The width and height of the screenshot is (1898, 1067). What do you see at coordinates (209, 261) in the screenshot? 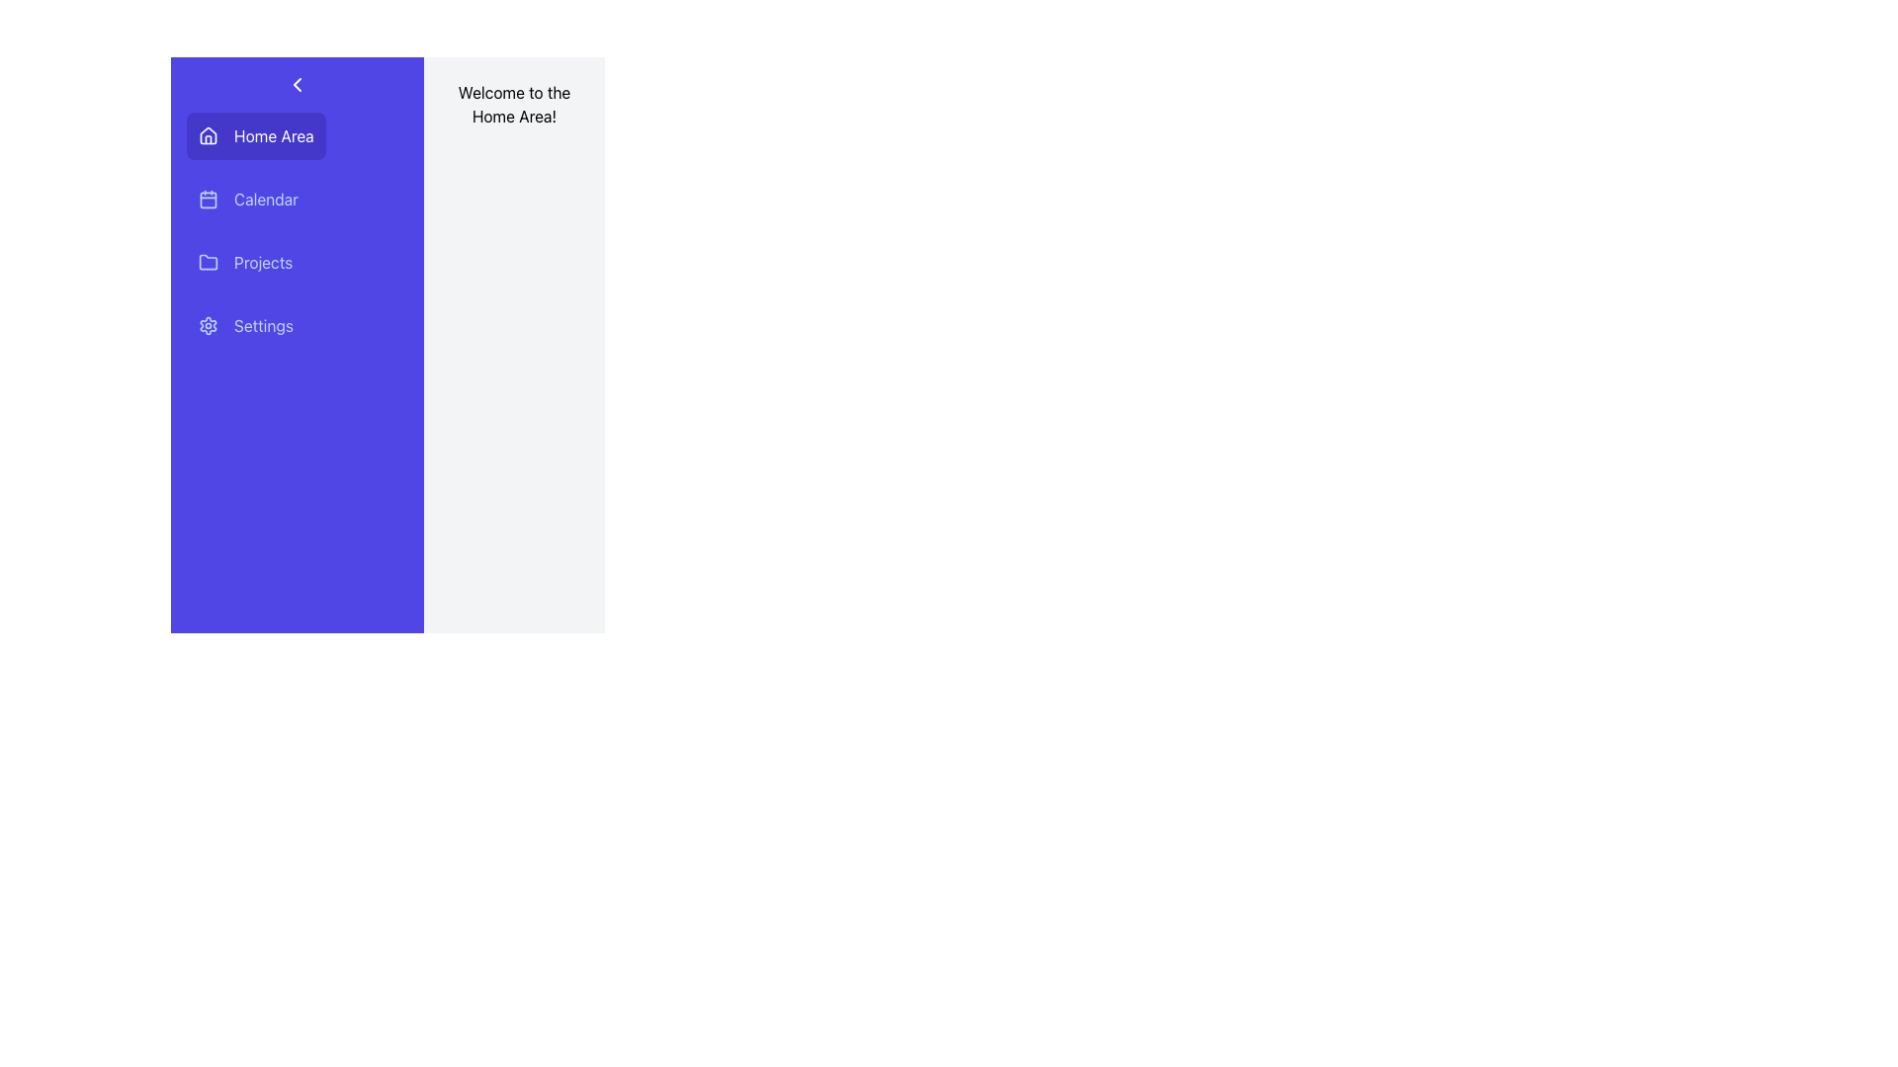
I see `the 'Projects' menu icon, which is the third icon in the menu sequence located adjacent to the 'Projects' text item` at bounding box center [209, 261].